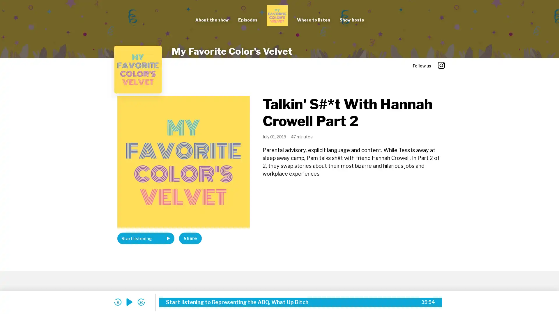 This screenshot has width=559, height=314. What do you see at coordinates (141, 302) in the screenshot?
I see `skip forward 30 seconds` at bounding box center [141, 302].